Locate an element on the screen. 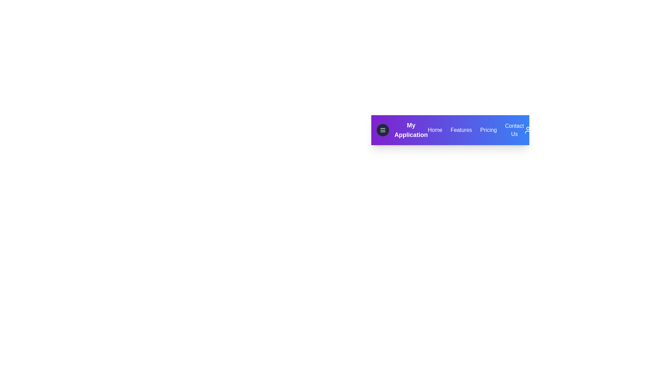  the Features link to navigate to the corresponding section is located at coordinates (461, 130).